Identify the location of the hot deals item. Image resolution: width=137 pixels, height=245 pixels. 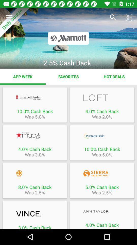
(114, 76).